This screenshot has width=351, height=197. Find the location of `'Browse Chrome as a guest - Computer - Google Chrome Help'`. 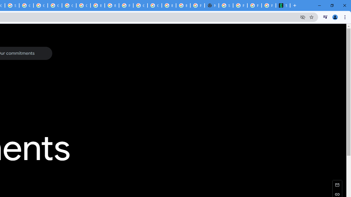

'Browse Chrome as a guest - Computer - Google Chrome Help' is located at coordinates (111, 5).